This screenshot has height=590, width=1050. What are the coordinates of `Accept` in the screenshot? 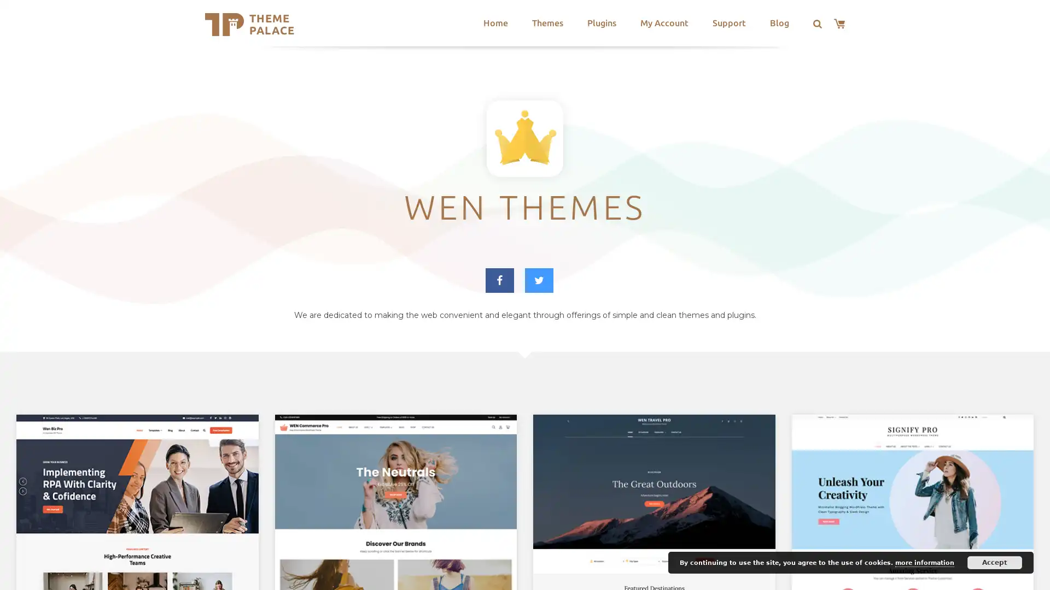 It's located at (995, 562).